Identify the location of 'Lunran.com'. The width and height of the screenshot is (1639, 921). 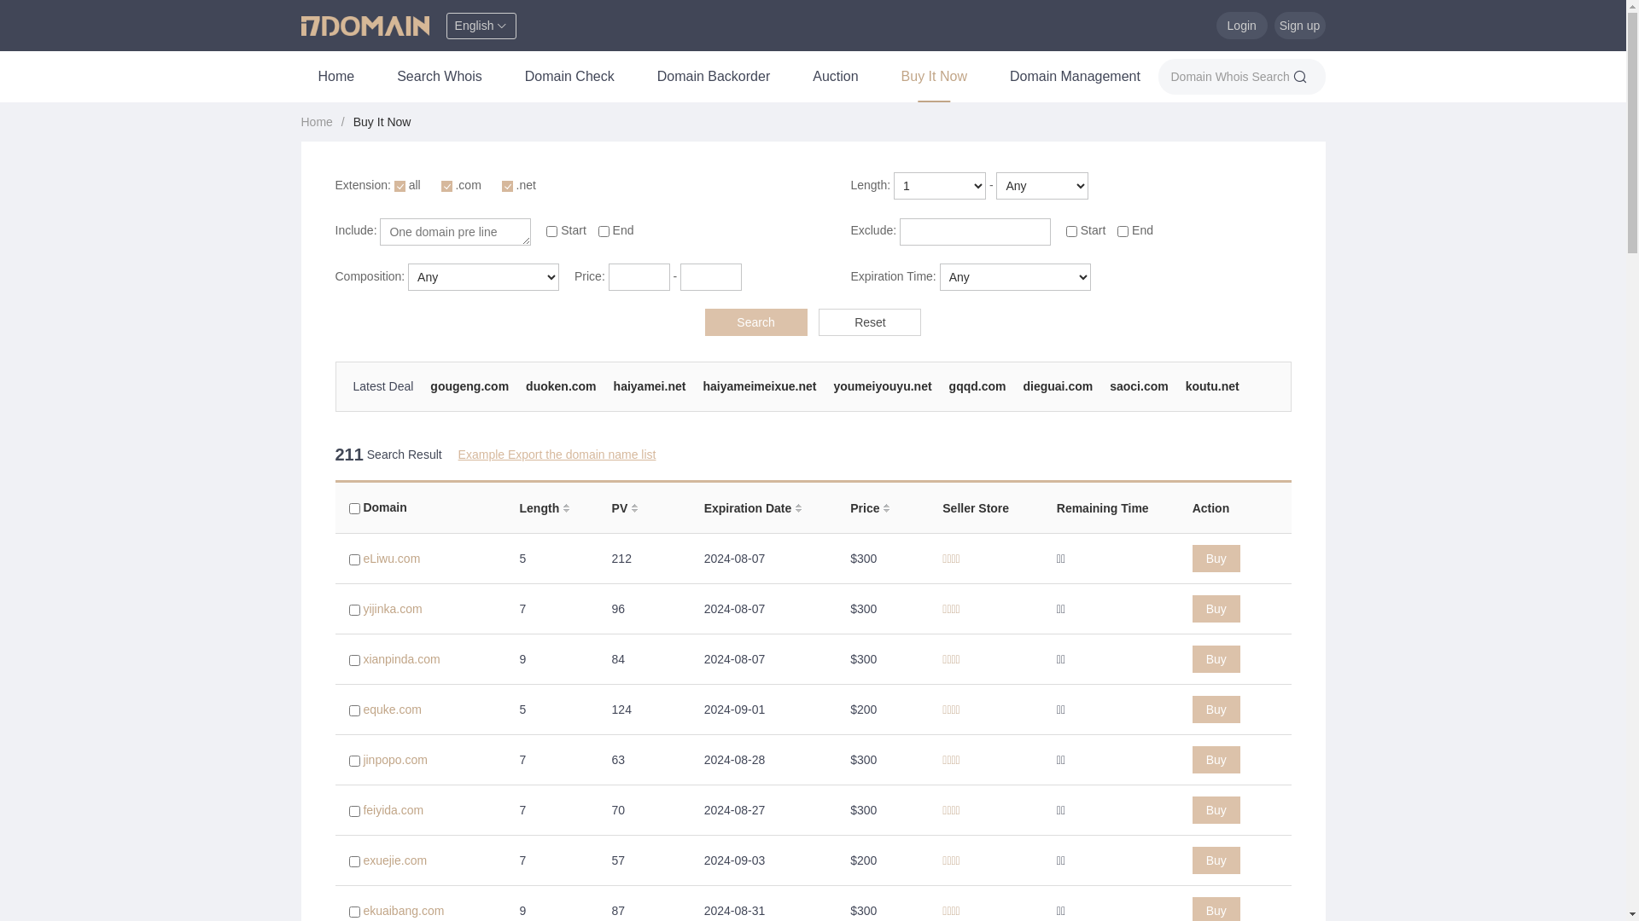
(387, 400).